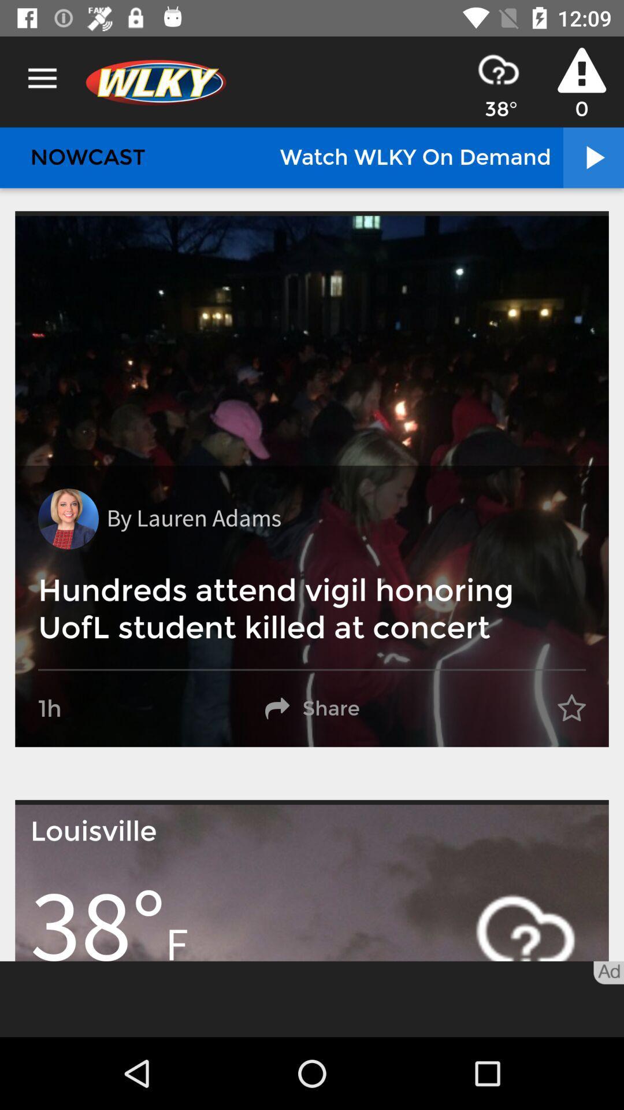 This screenshot has height=1110, width=624. Describe the element at coordinates (193, 518) in the screenshot. I see `the text above hundreds attend text` at that location.